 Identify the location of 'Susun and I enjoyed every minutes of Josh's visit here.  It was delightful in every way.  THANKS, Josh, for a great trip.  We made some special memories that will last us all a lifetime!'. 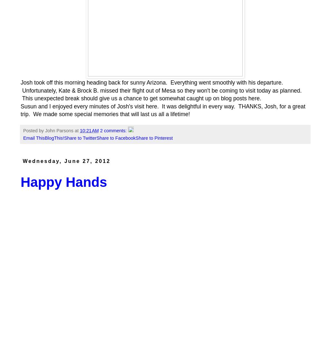
(21, 110).